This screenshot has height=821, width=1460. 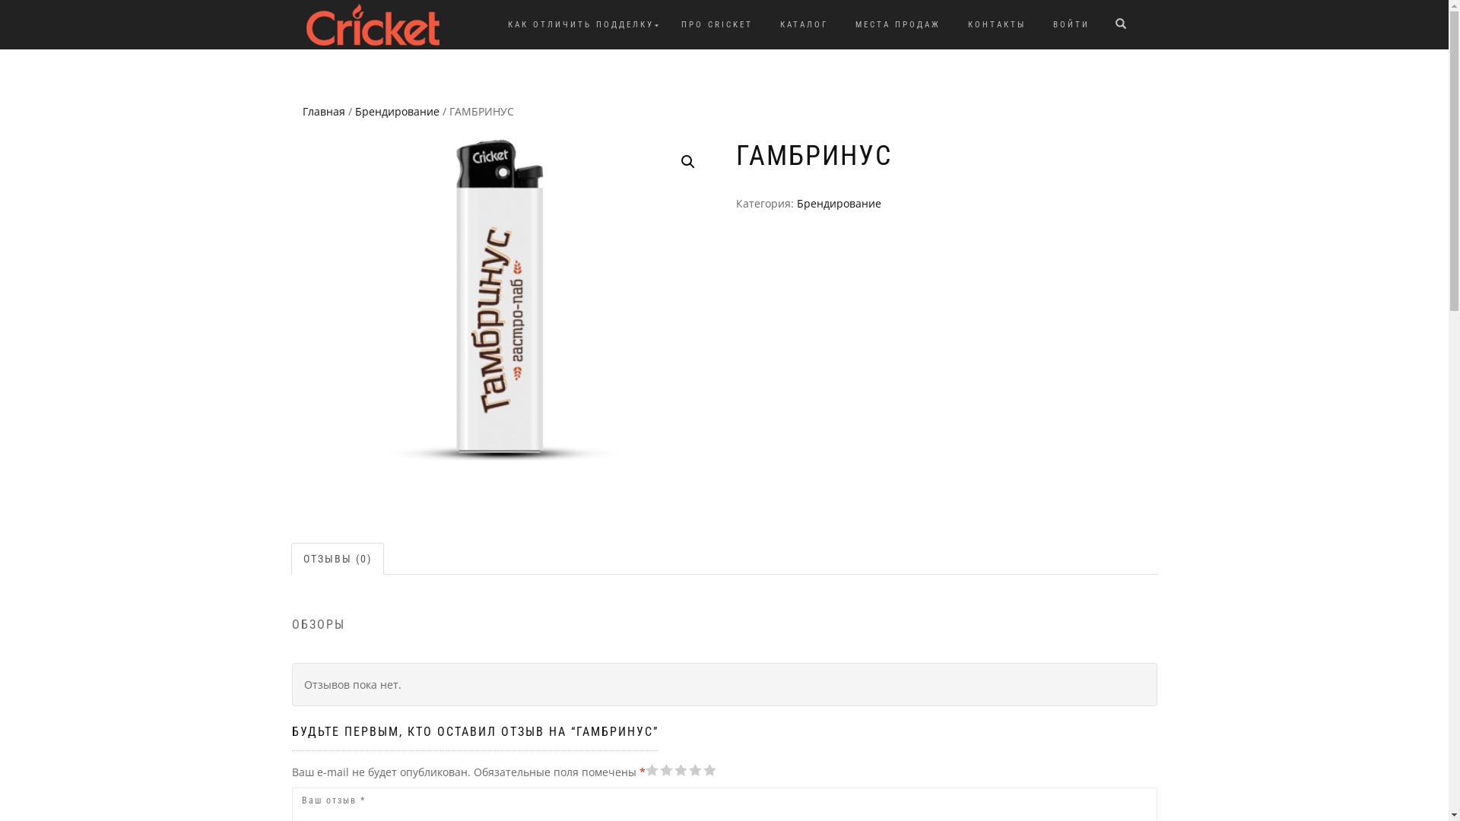 I want to click on '4', so click(x=671, y=770).